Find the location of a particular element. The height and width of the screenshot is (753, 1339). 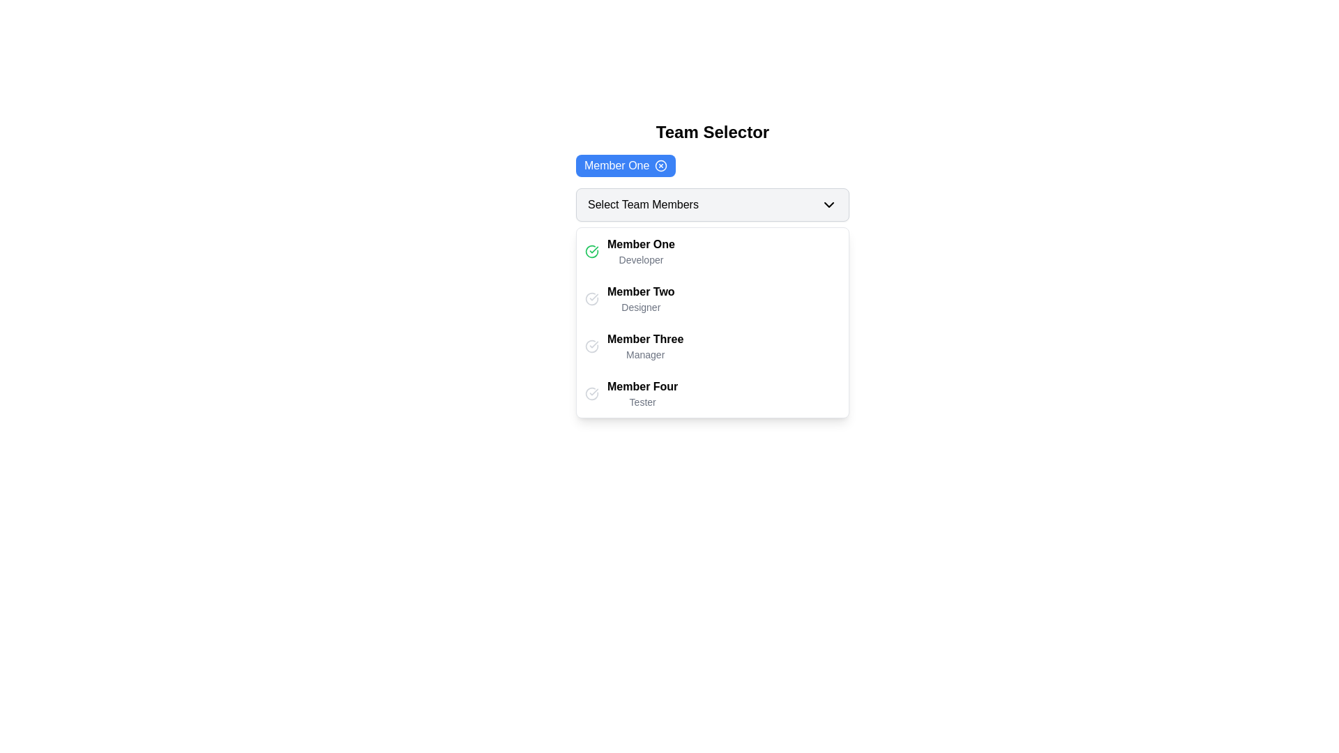

the Status indicator icon styled as a check within a circle, which is positioned at the leftmost end of the list item for 'Member Two' is located at coordinates (592, 298).